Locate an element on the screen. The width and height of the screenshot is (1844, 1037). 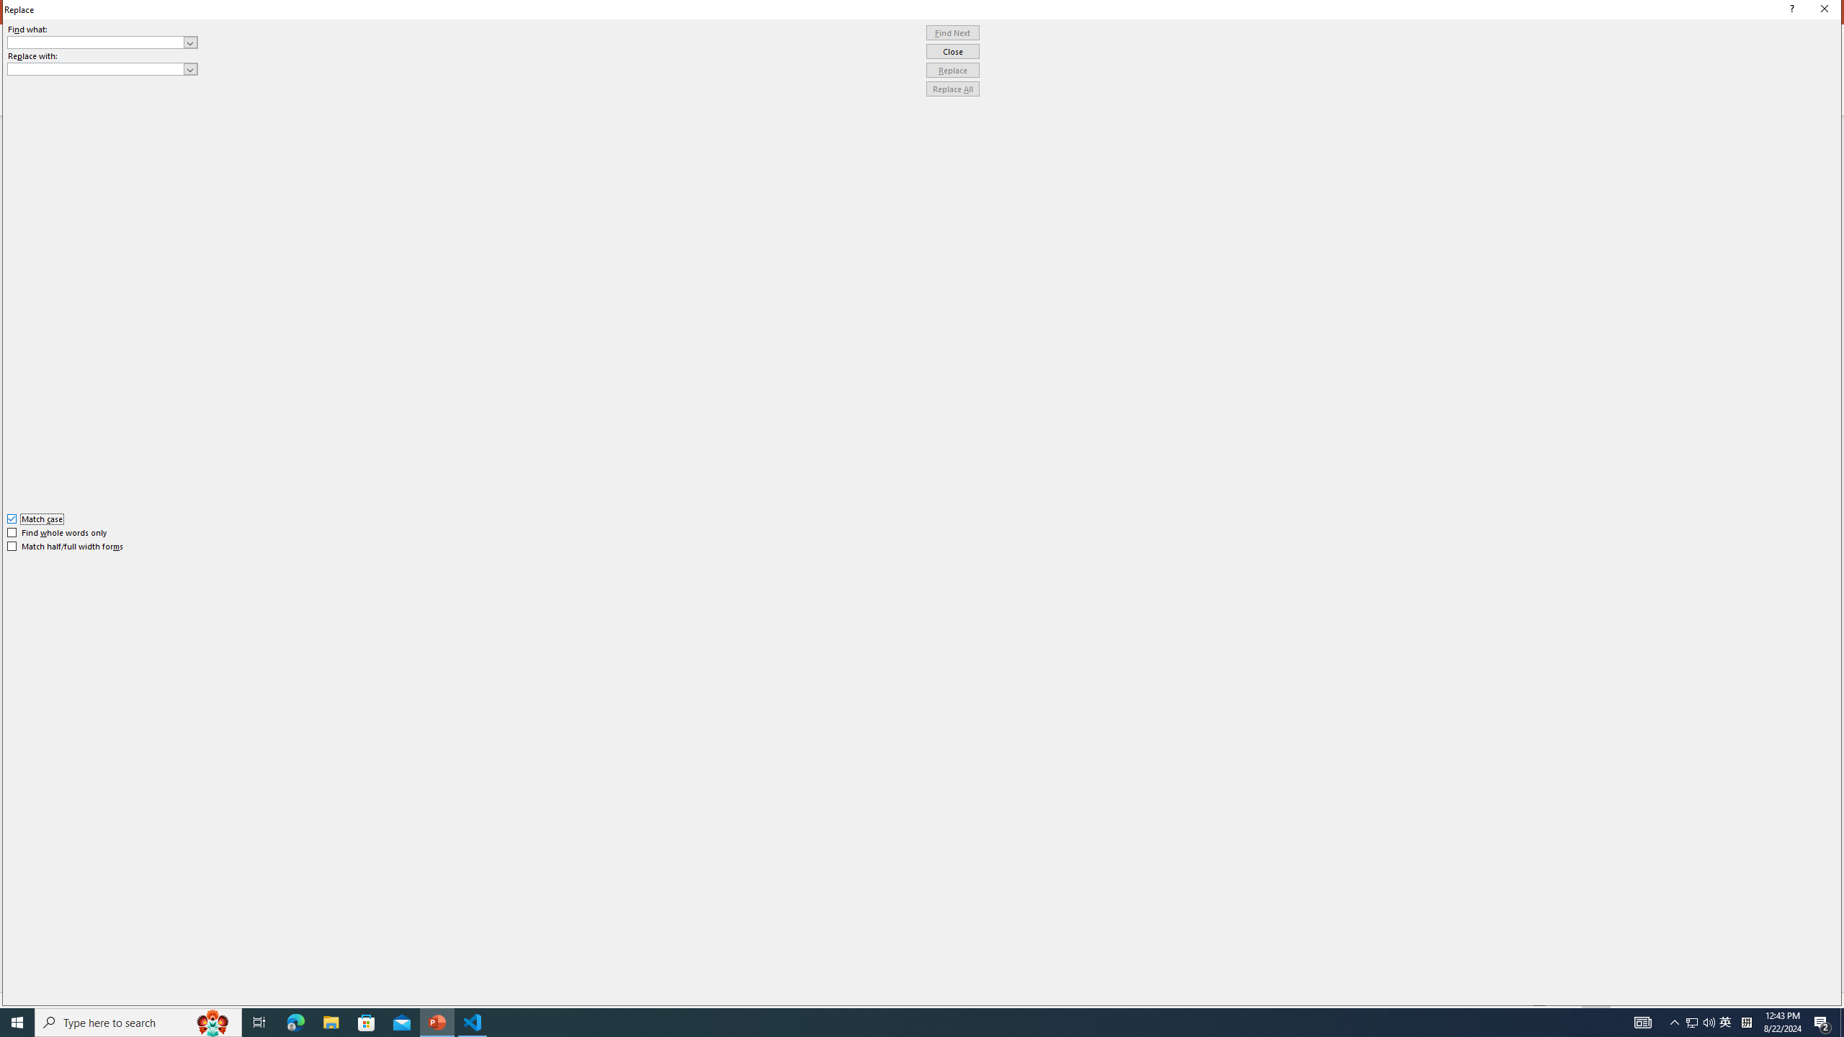
'Replace' is located at coordinates (952, 69).